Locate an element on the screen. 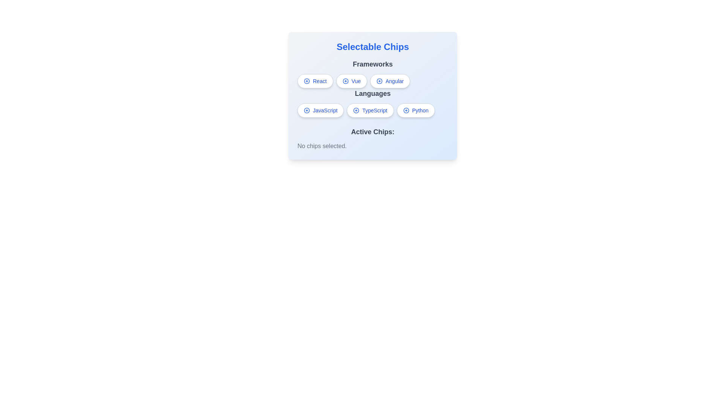  the chip representing a programming language in the group located below the 'Frameworks' chips and above the 'Active Chips:' section is located at coordinates (372, 103).